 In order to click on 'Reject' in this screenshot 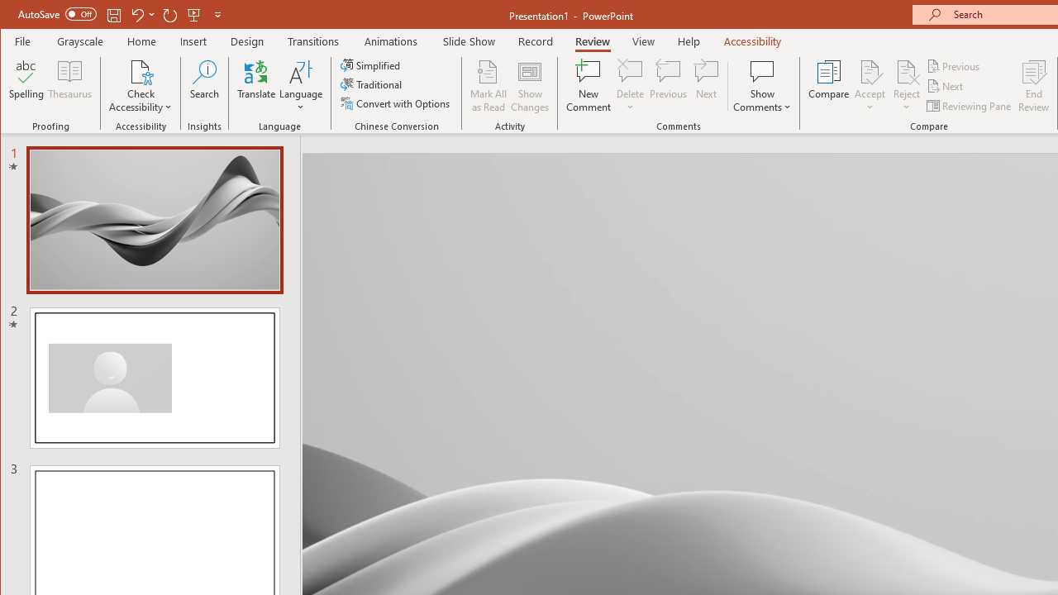, I will do `click(905, 86)`.